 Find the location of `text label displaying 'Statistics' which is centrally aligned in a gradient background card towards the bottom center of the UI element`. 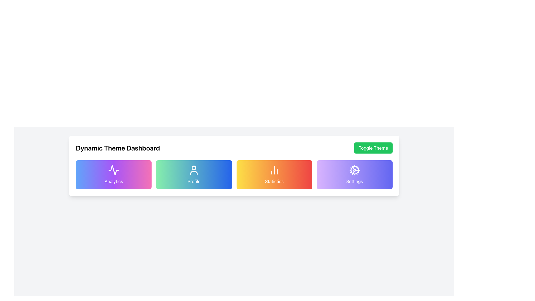

text label displaying 'Statistics' which is centrally aligned in a gradient background card towards the bottom center of the UI element is located at coordinates (274, 181).